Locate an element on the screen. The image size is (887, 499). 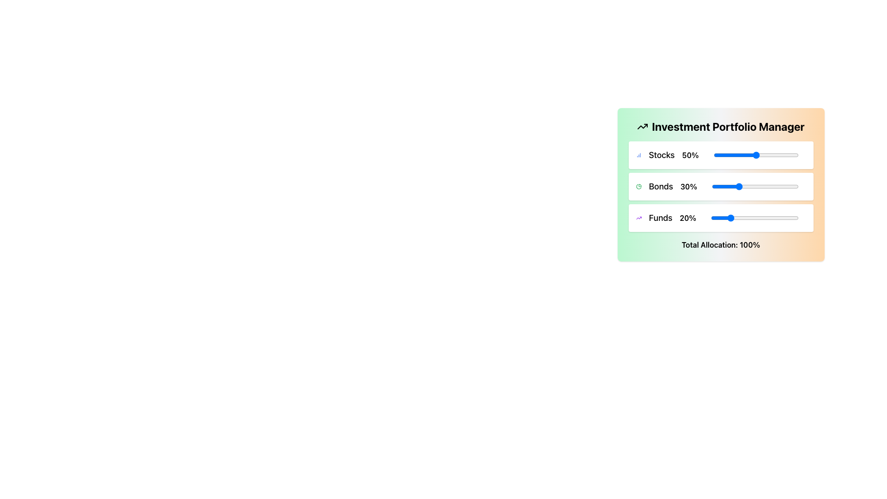
text label that summarizes the total allocation percentages of the elements above, located at the bottom of the card layout is located at coordinates (720, 244).